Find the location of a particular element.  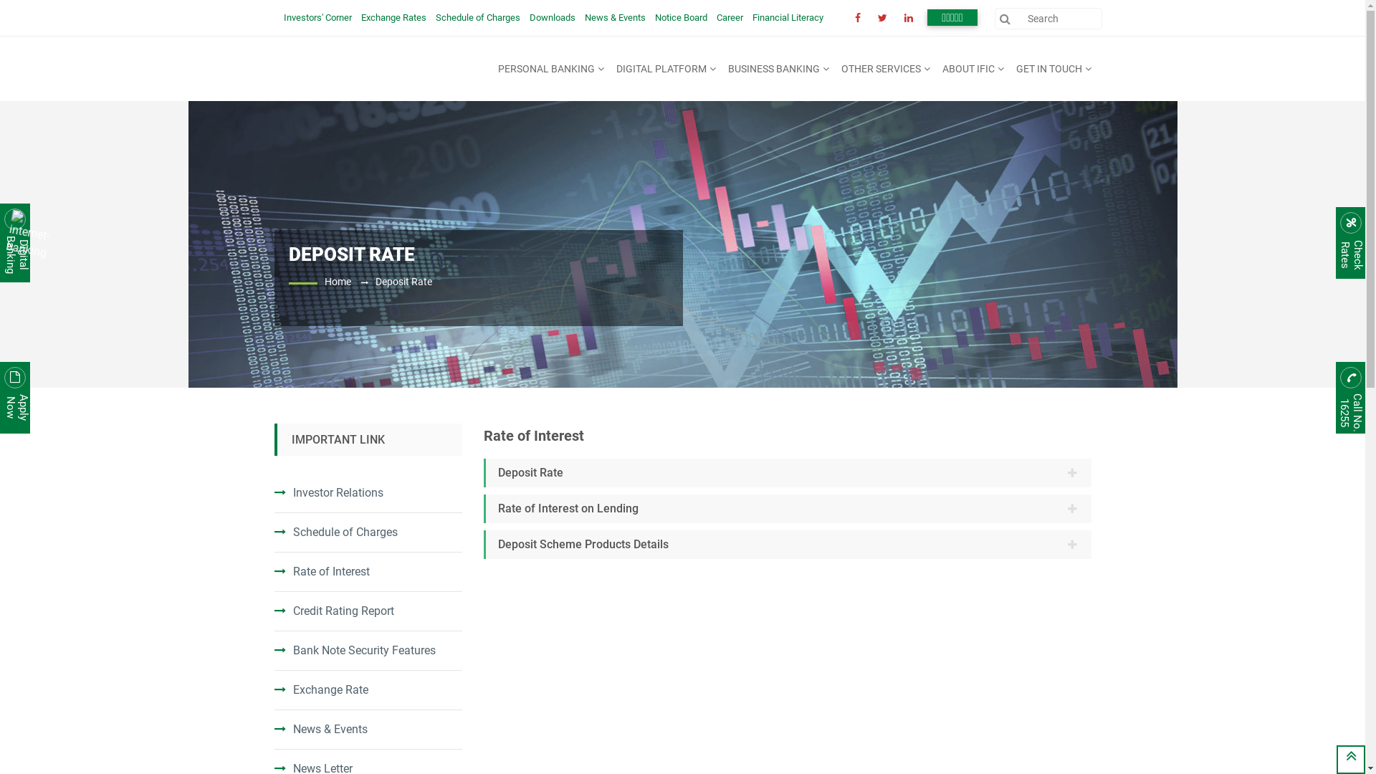

'GET IN TOUCH' is located at coordinates (1050, 69).